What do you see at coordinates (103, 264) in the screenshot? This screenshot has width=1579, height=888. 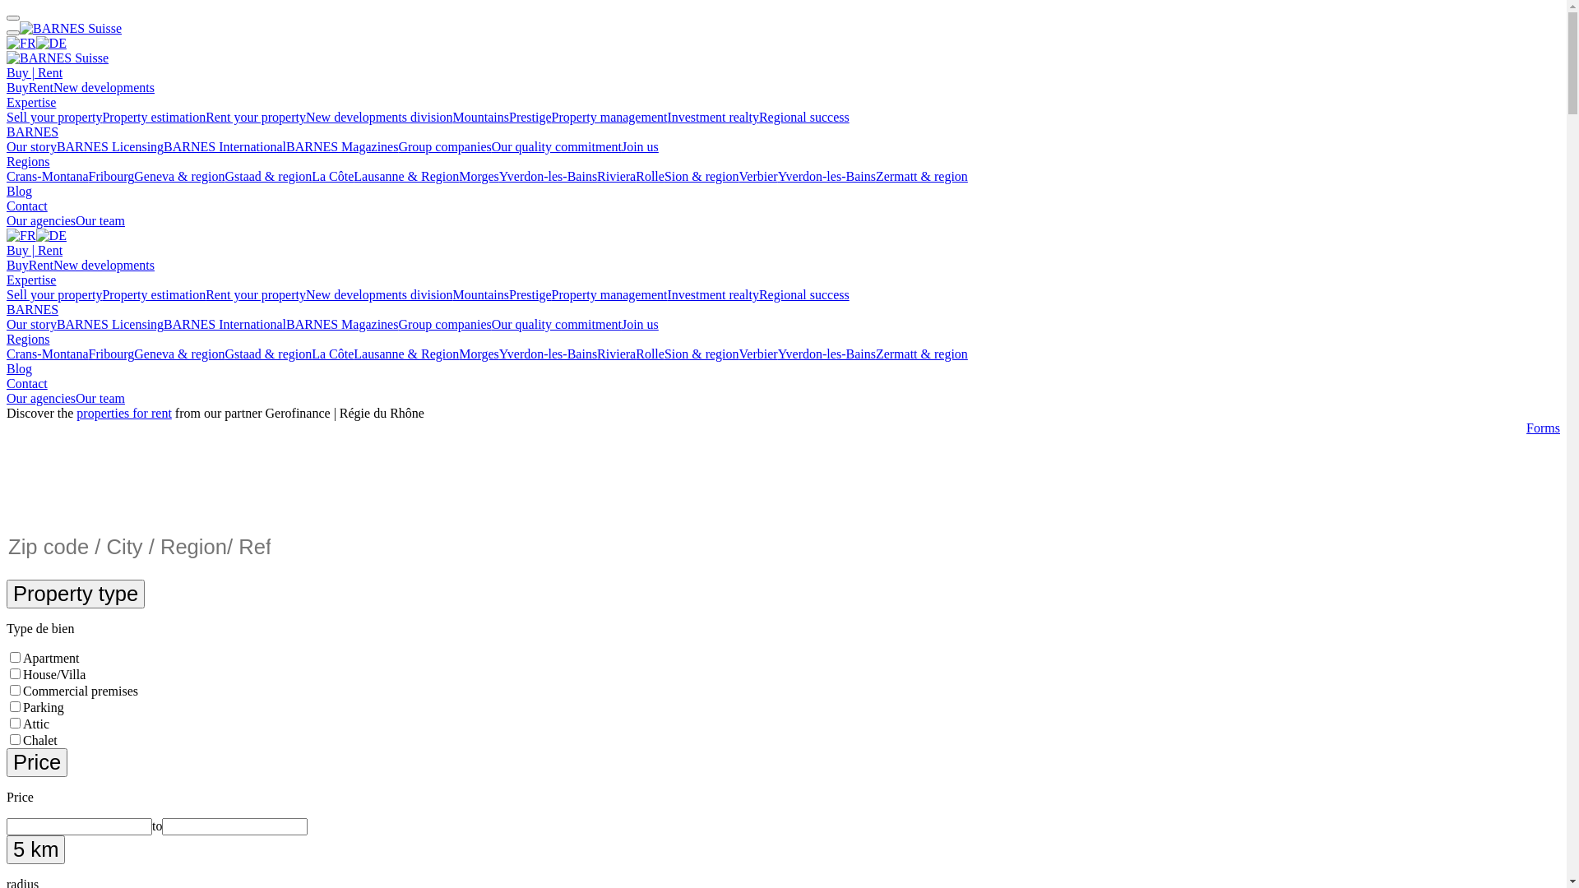 I see `'New developments'` at bounding box center [103, 264].